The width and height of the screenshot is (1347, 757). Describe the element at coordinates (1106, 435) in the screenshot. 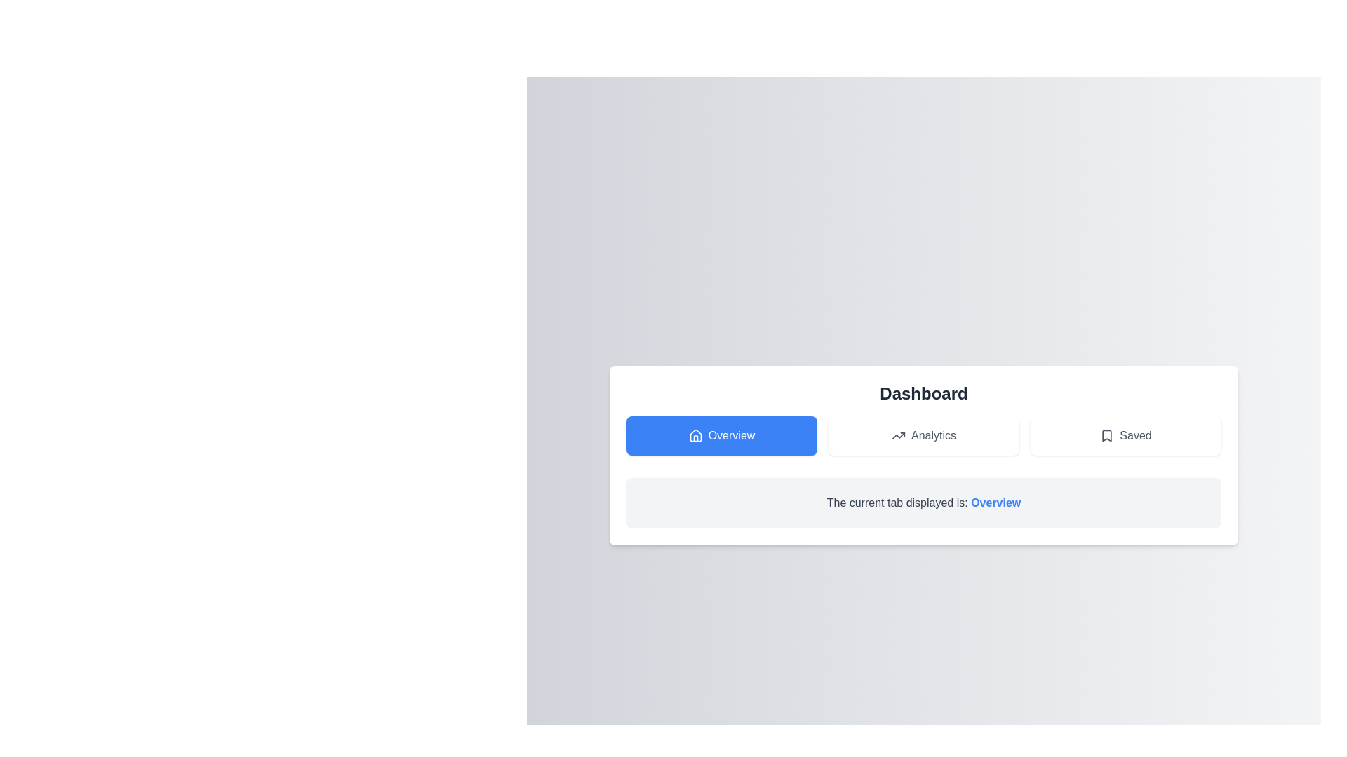

I see `the bookmark icon within the 'Saved' button, which is centrally positioned and characterized by a triangular notch at its lower end` at that location.